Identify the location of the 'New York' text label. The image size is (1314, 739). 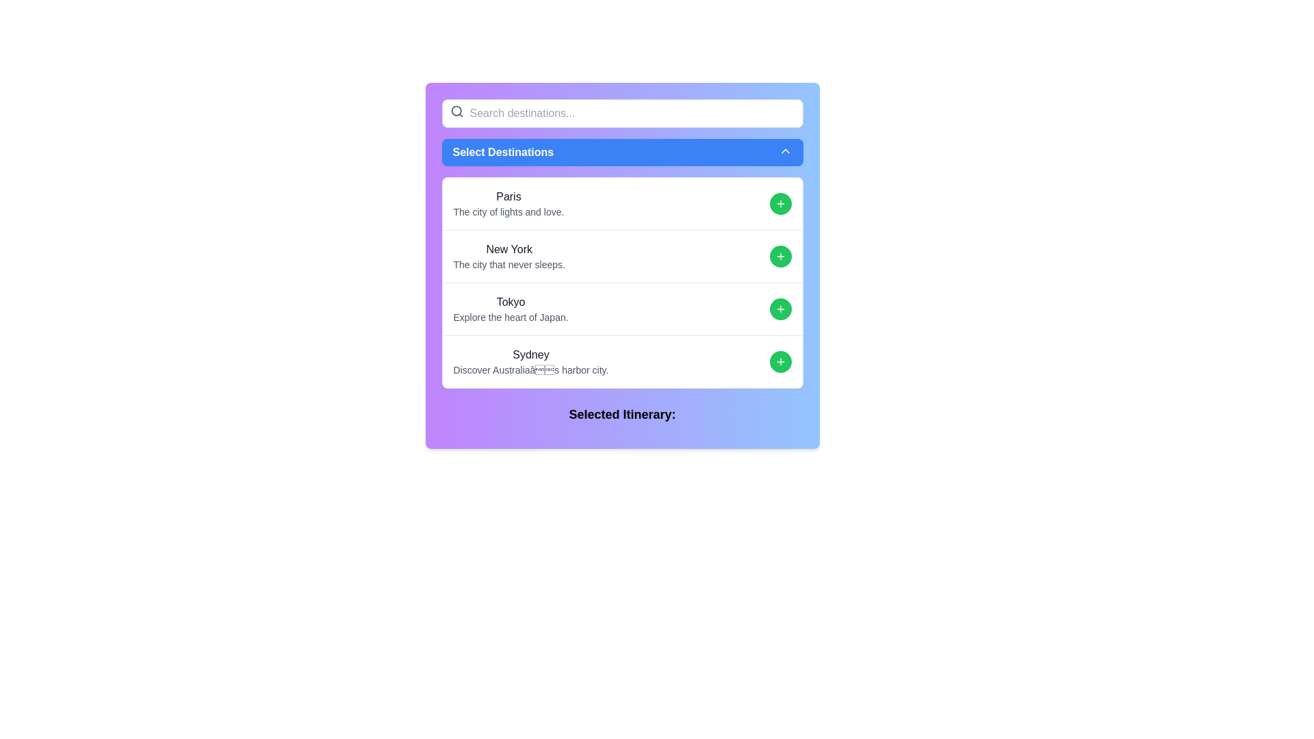
(508, 250).